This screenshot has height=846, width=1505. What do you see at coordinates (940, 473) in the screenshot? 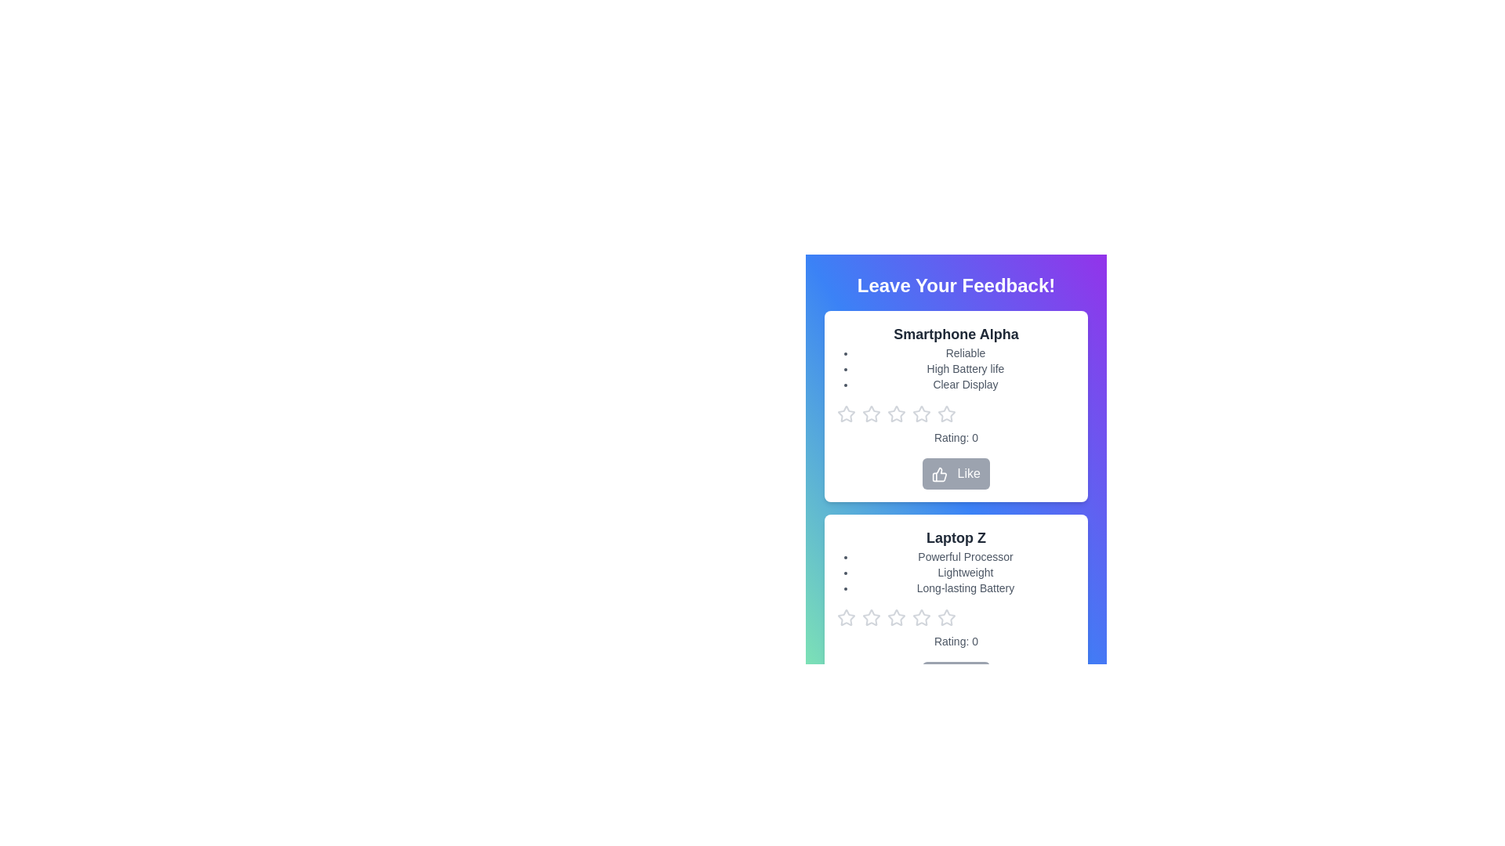
I see `the 'thumbs-up' icon within the 'Like' button on the product card titled 'Smartphone Alpha'` at bounding box center [940, 473].